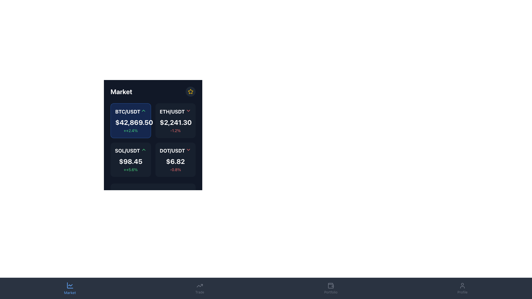 The height and width of the screenshot is (299, 532). I want to click on the text label displaying the percentage change of the cryptocurrency price, which indicates a decrease, located below the larger text '$2,241.30', so click(175, 130).